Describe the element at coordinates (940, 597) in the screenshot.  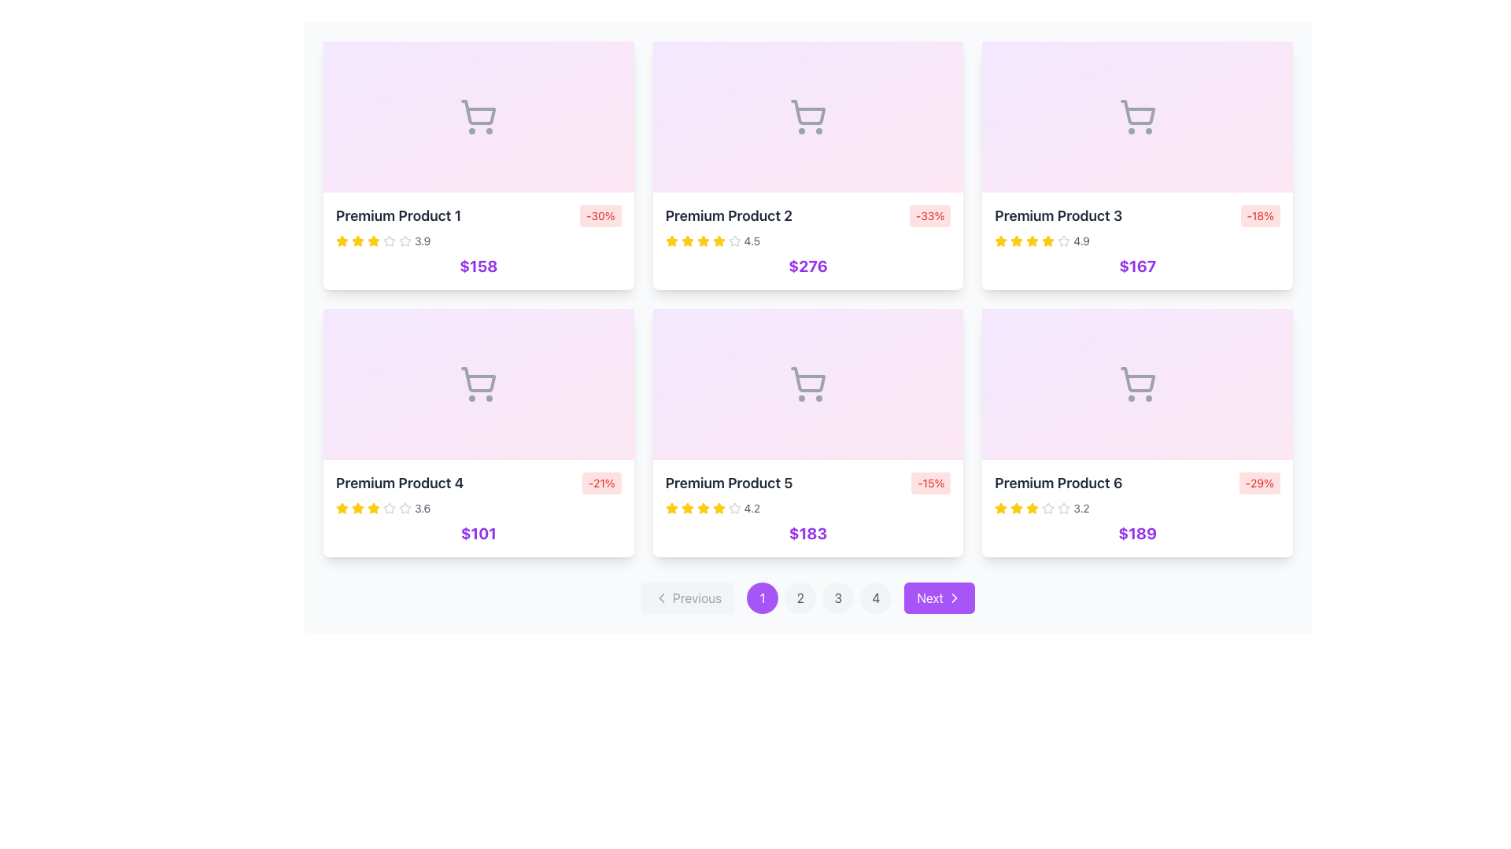
I see `the navigation button located at the bottom-right of the interface to change its background color to a darker shade` at that location.